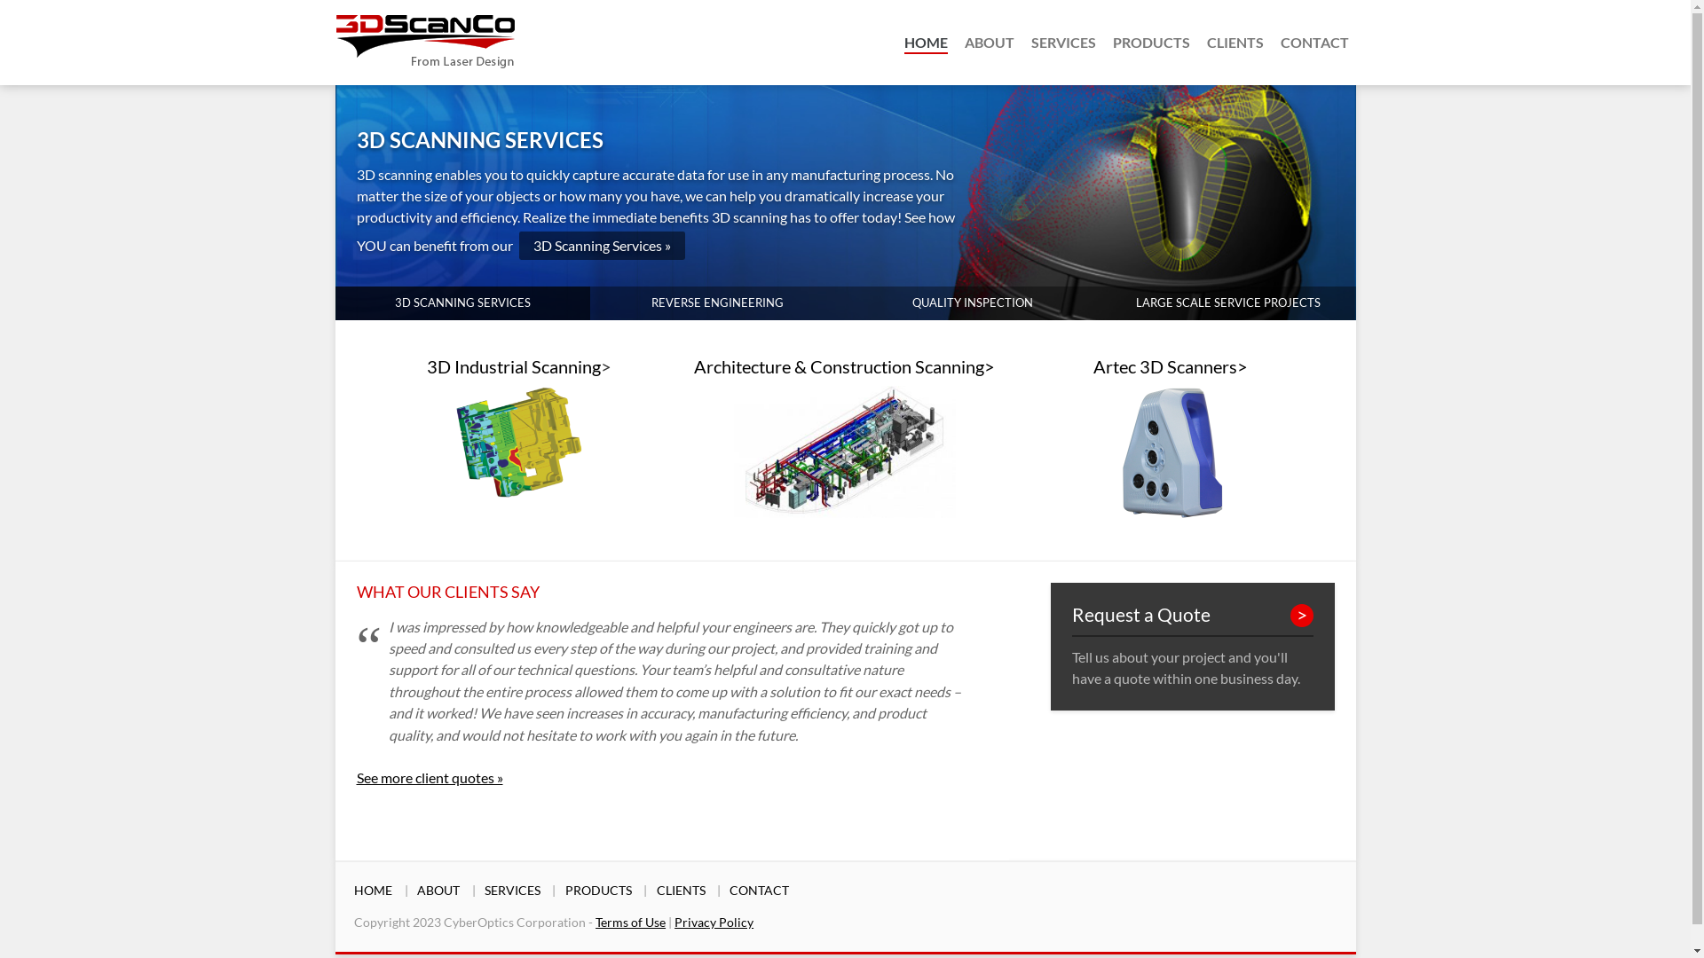 This screenshot has width=1704, height=958. Describe the element at coordinates (903, 41) in the screenshot. I see `'HOME'` at that location.